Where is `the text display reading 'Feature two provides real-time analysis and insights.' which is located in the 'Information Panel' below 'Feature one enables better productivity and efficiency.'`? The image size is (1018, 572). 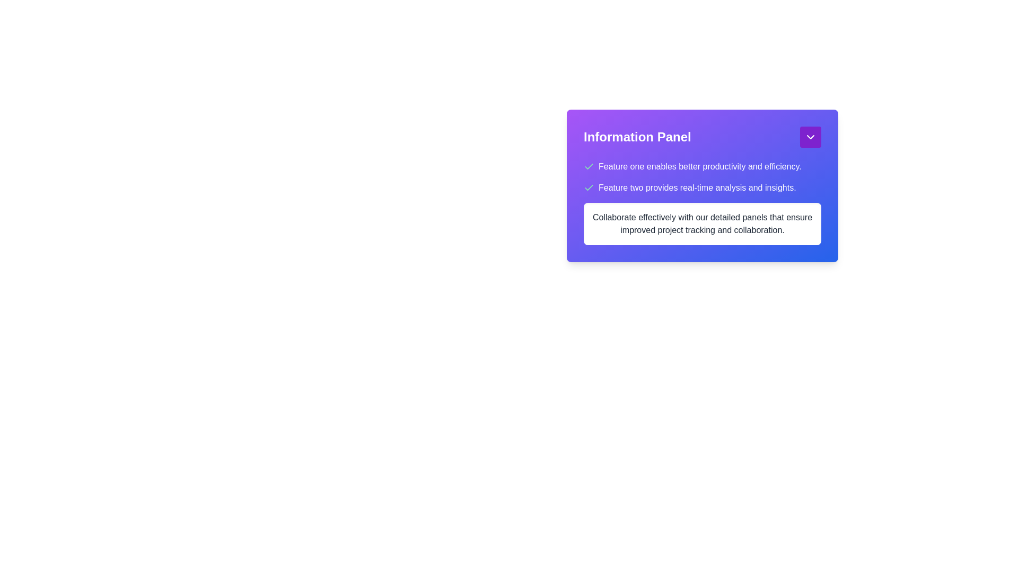
the text display reading 'Feature two provides real-time analysis and insights.' which is located in the 'Information Panel' below 'Feature one enables better productivity and efficiency.' is located at coordinates (697, 187).